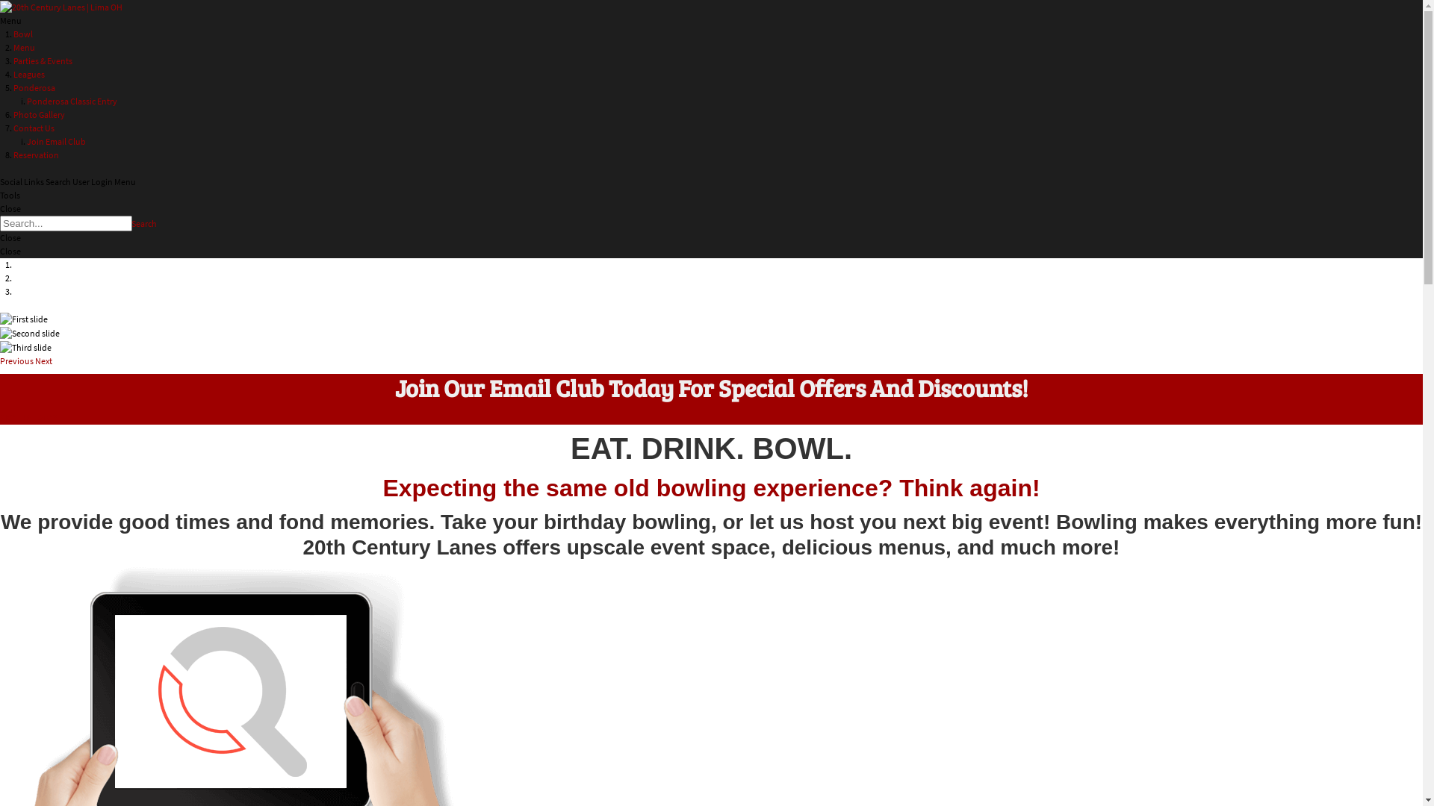 Image resolution: width=1434 pixels, height=806 pixels. Describe the element at coordinates (28, 417) in the screenshot. I see `'SIGN UP TODAY'` at that location.